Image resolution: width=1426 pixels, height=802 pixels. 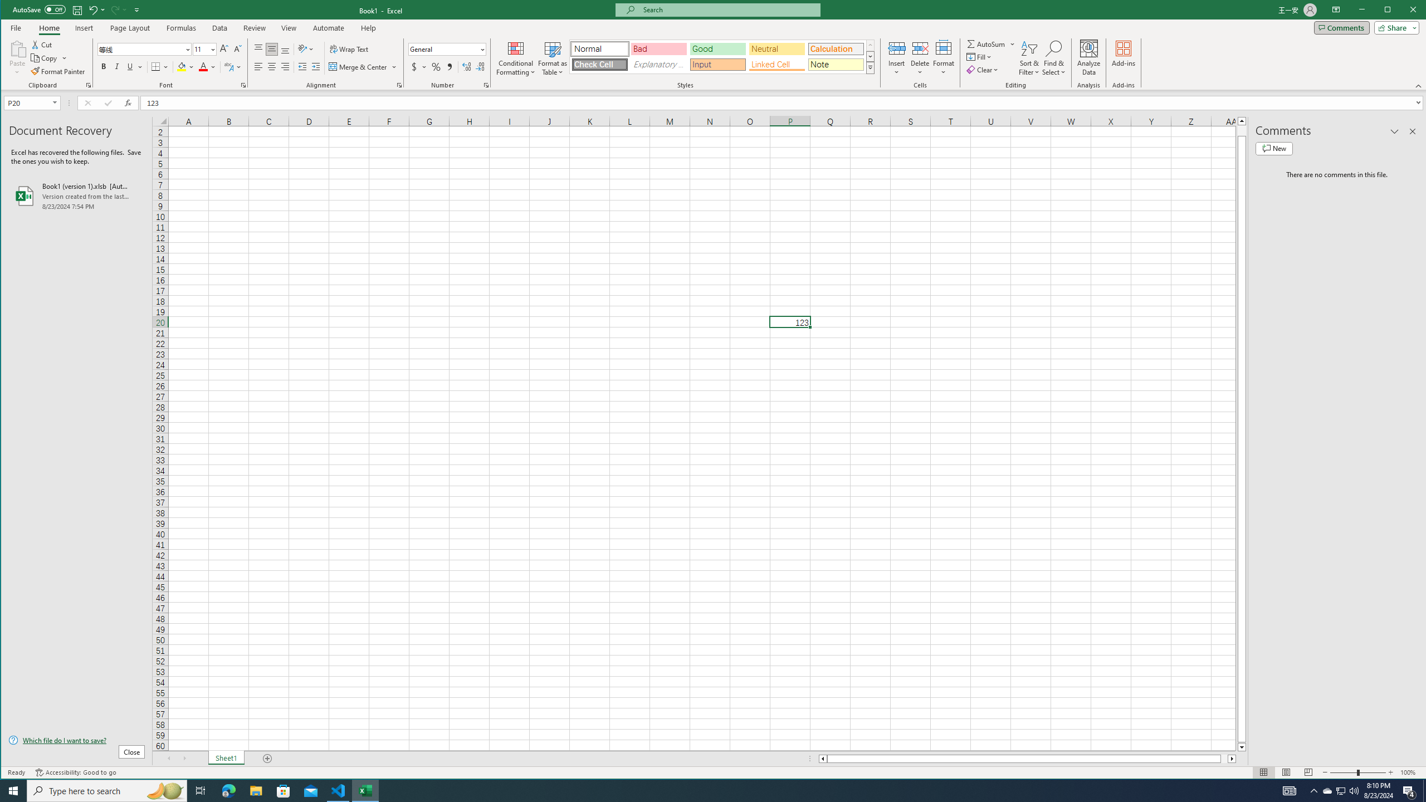 I want to click on 'Microsoft Edge', so click(x=228, y=790).